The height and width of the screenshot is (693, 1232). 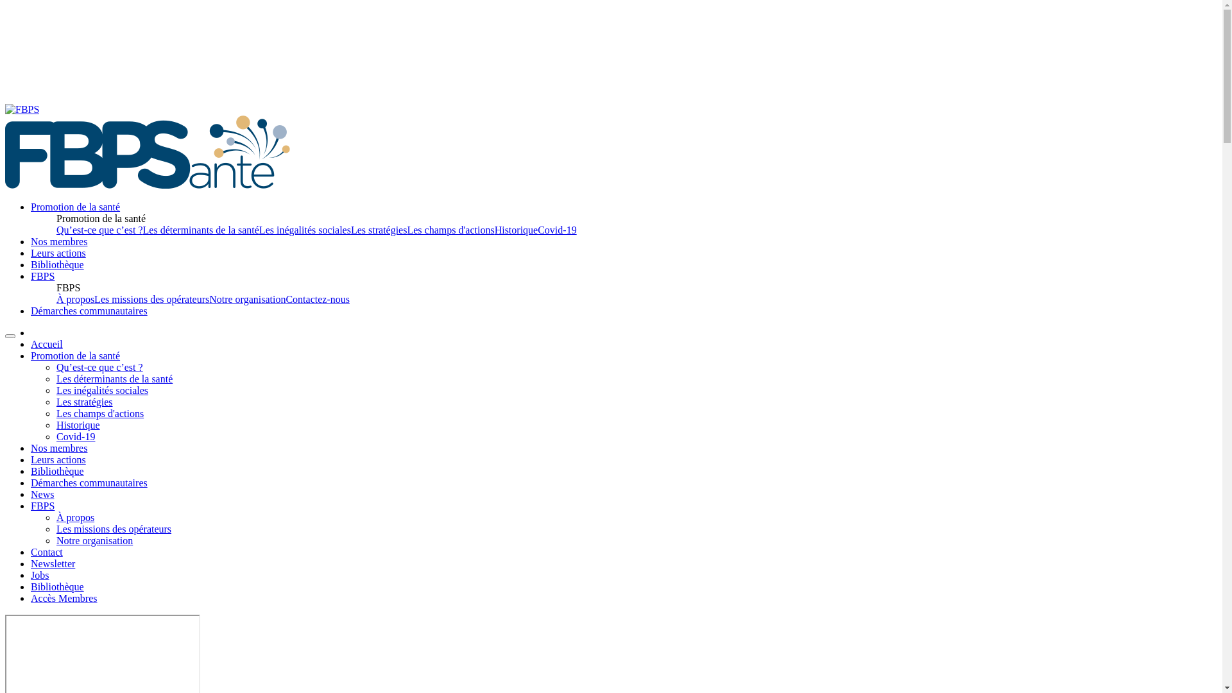 What do you see at coordinates (40, 574) in the screenshot?
I see `'Jobs'` at bounding box center [40, 574].